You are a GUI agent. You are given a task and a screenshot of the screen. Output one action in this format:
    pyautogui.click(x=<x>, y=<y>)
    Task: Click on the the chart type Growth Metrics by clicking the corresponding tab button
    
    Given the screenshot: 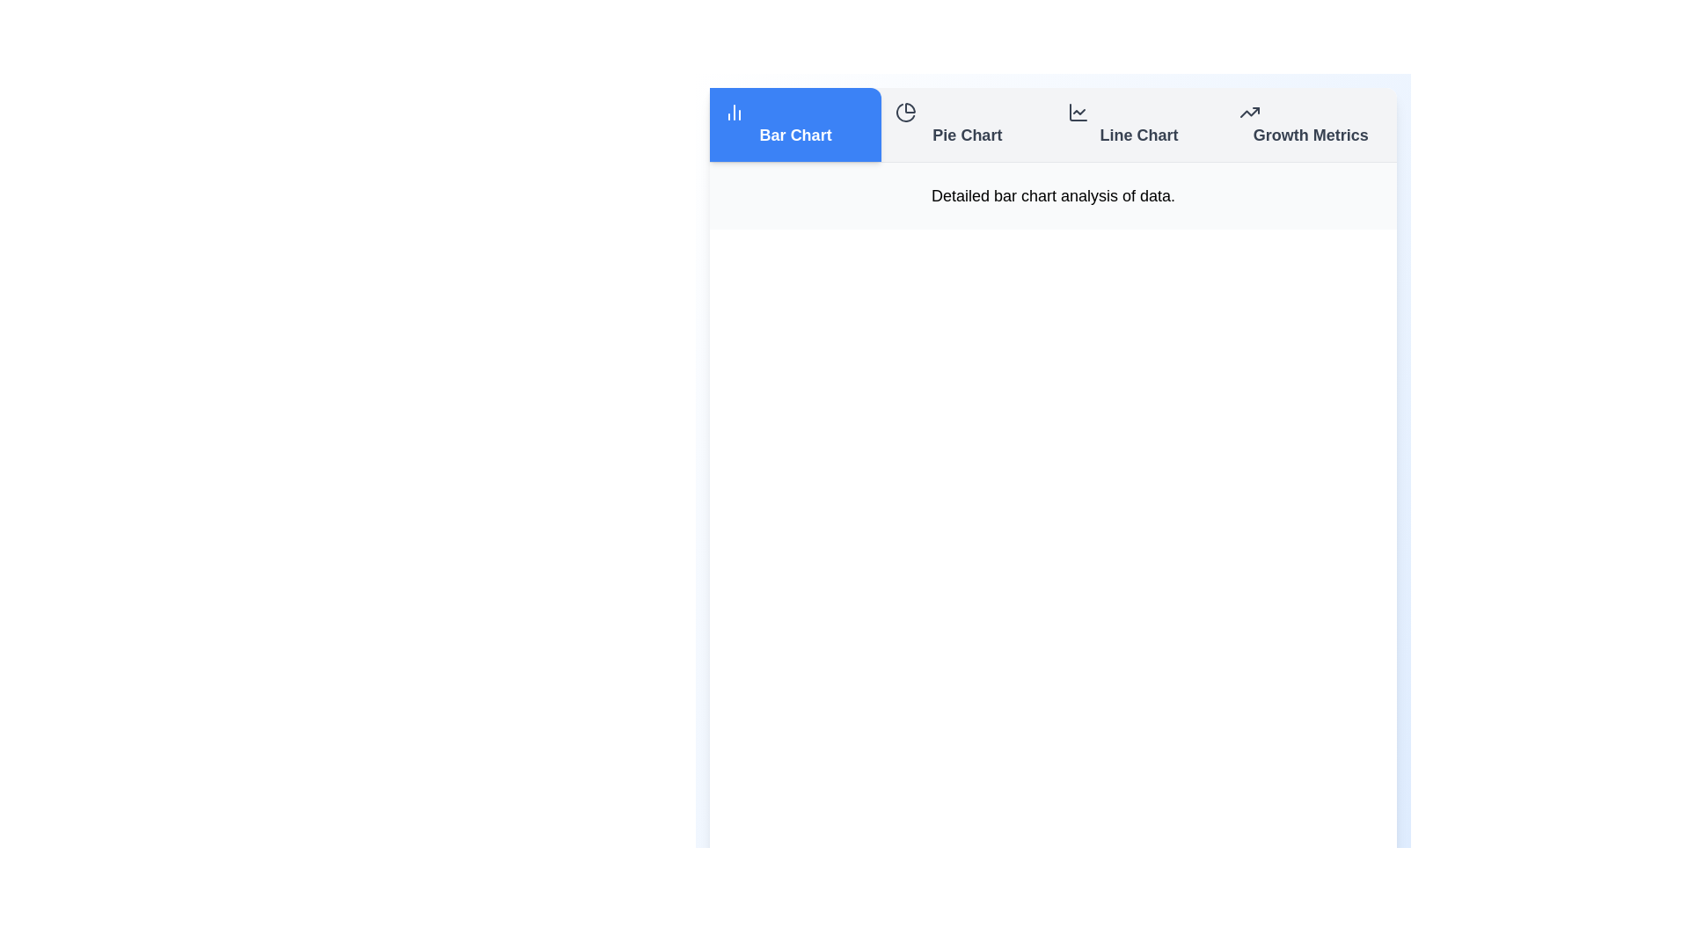 What is the action you would take?
    pyautogui.click(x=1311, y=124)
    